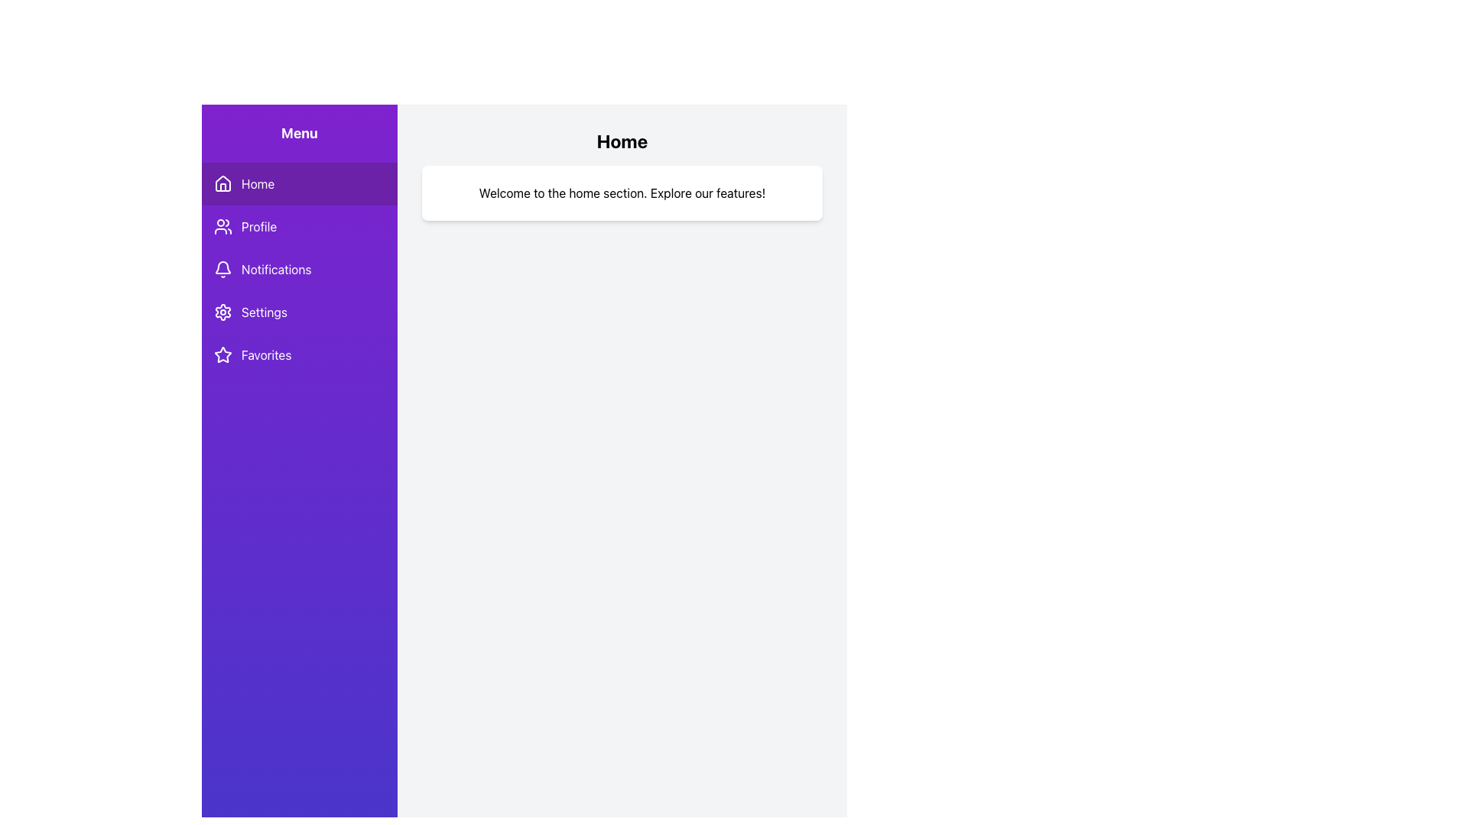  I want to click on the introductory Text element located in the main content area, which is centered below the title 'Home', to read its message, so click(622, 192).